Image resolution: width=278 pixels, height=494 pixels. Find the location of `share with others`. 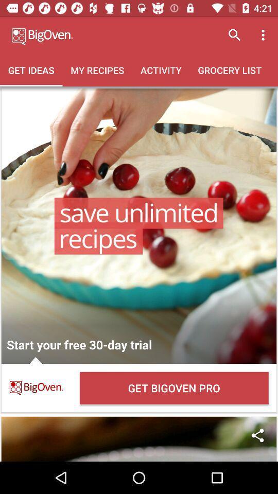

share with others is located at coordinates (139, 438).